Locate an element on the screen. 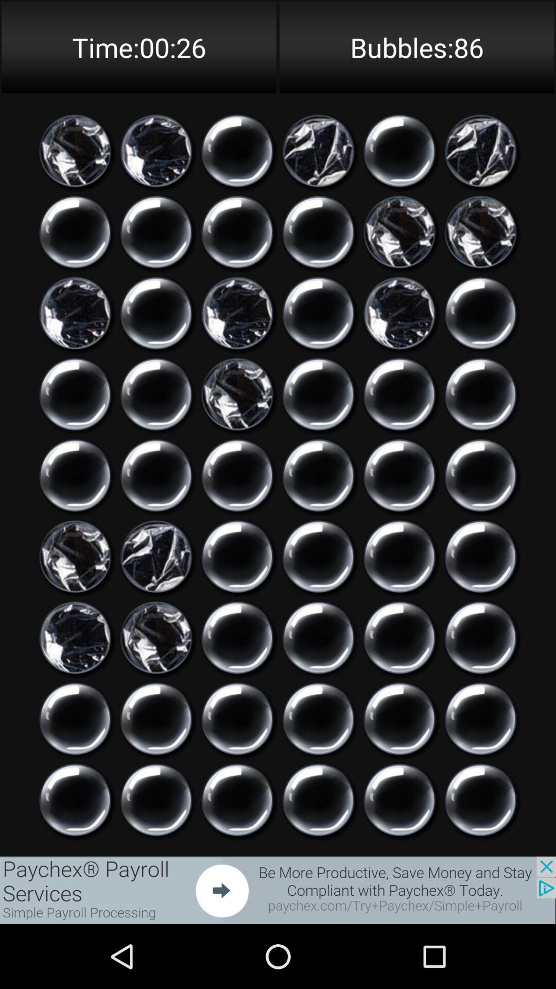 The width and height of the screenshot is (556, 989). click on icon is located at coordinates (318, 150).